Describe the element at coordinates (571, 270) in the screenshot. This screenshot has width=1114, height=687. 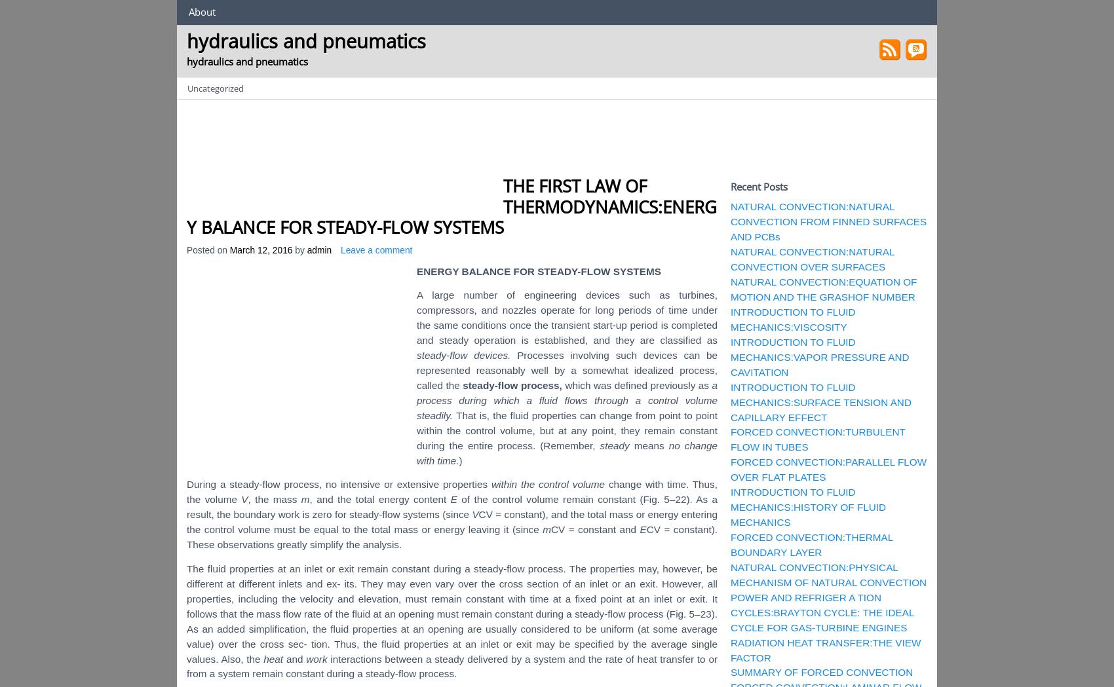
I see `'Y'` at that location.